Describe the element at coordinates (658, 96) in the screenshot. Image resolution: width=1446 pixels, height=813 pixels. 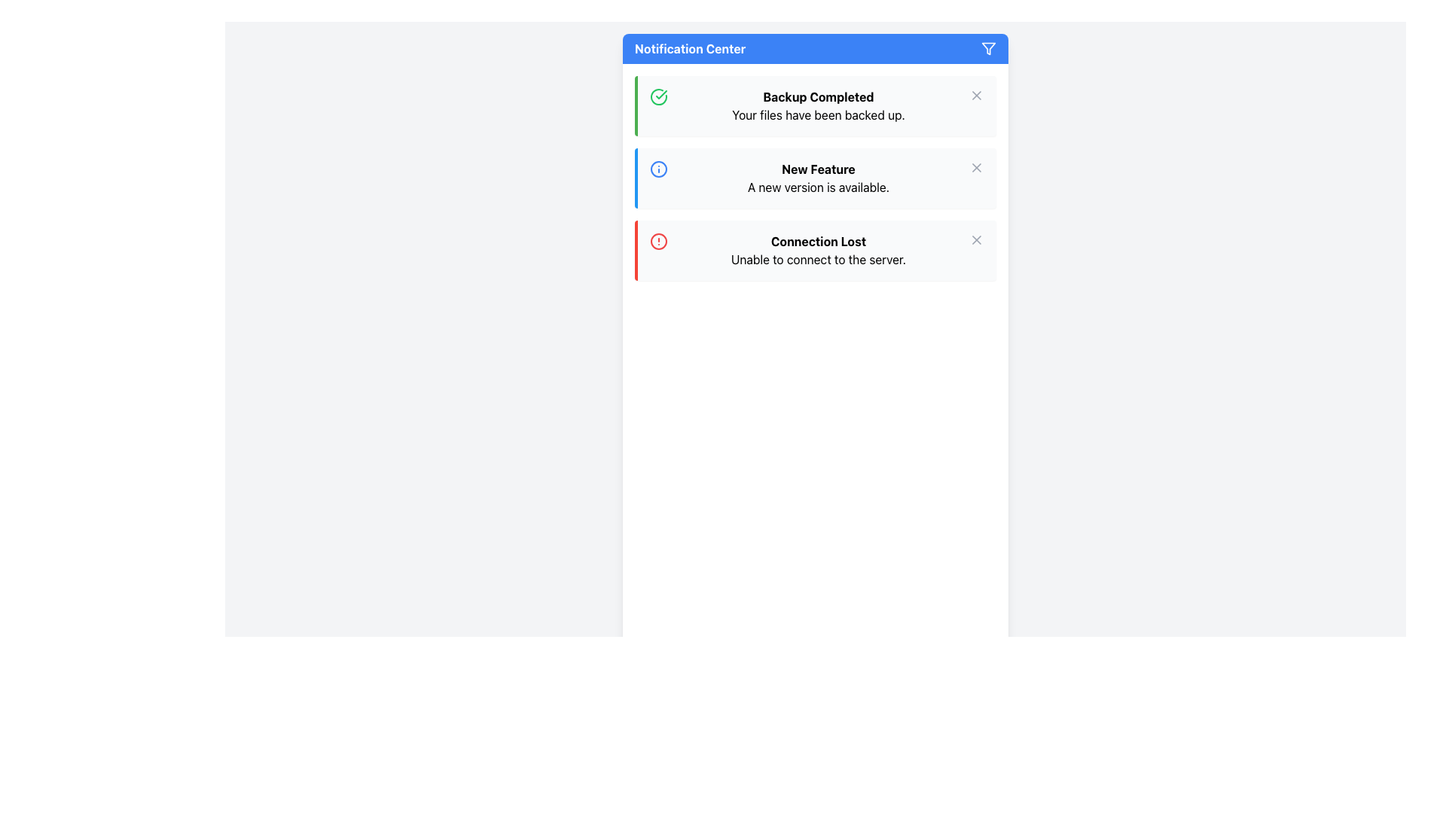
I see `the green circular icon with a checkmark, located to the left of the 'Backup Completed' notification entry` at that location.